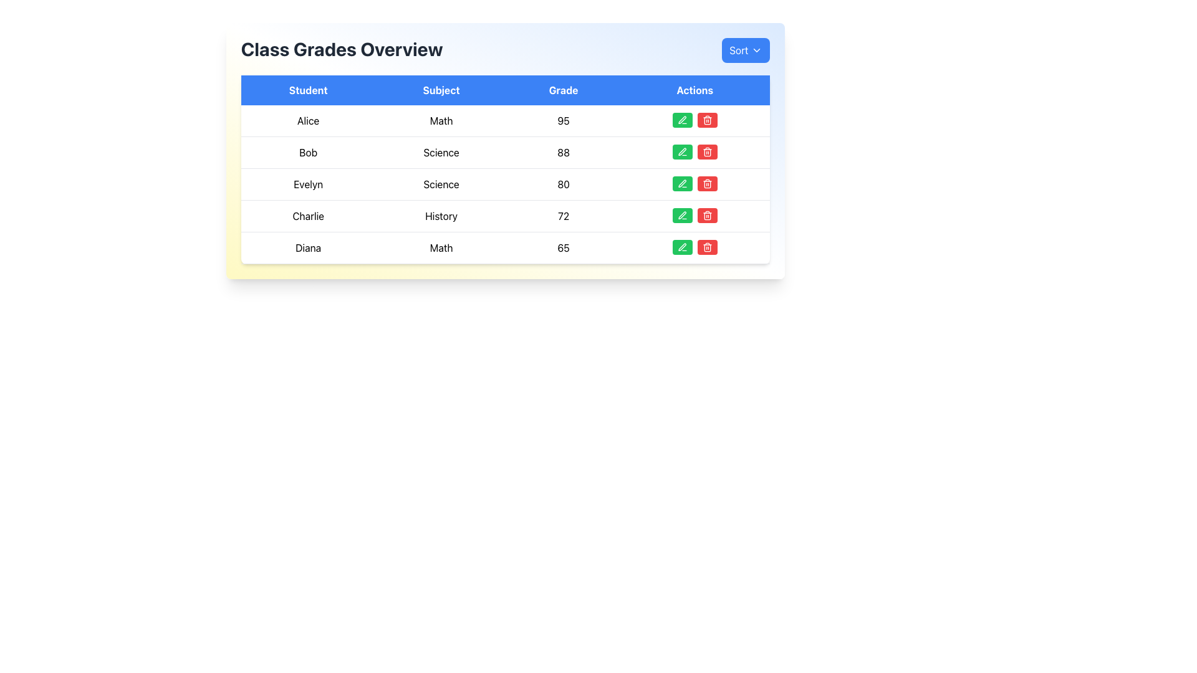 The image size is (1197, 673). I want to click on the edit SVG icon located in the fourth row of the 'Actions' column in the data table, so click(681, 151).